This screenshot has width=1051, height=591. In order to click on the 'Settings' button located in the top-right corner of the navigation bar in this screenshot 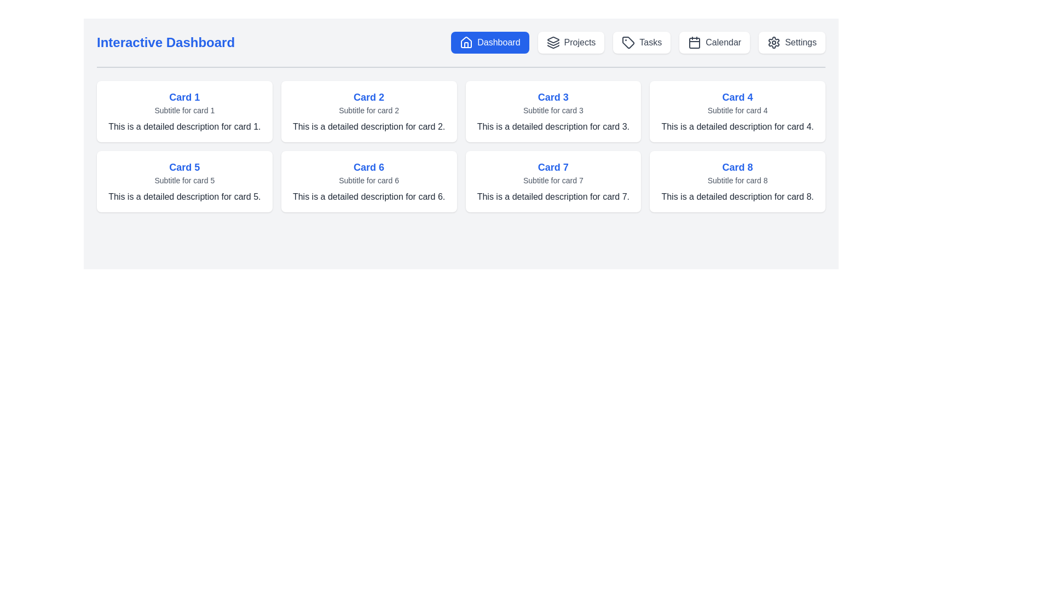, I will do `click(792, 42)`.